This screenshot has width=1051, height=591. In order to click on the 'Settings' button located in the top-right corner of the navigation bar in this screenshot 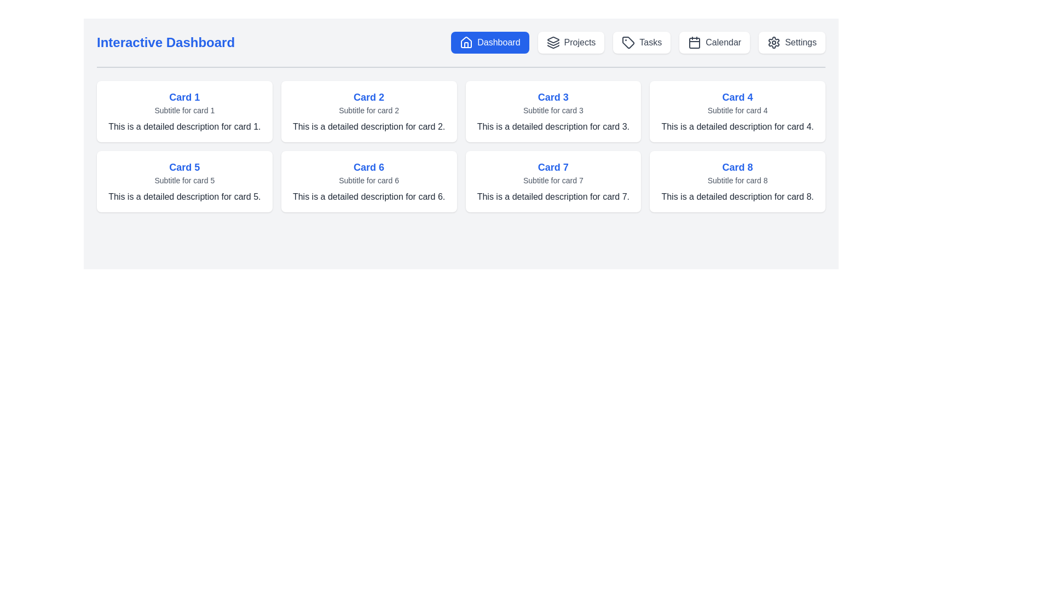, I will do `click(792, 42)`.